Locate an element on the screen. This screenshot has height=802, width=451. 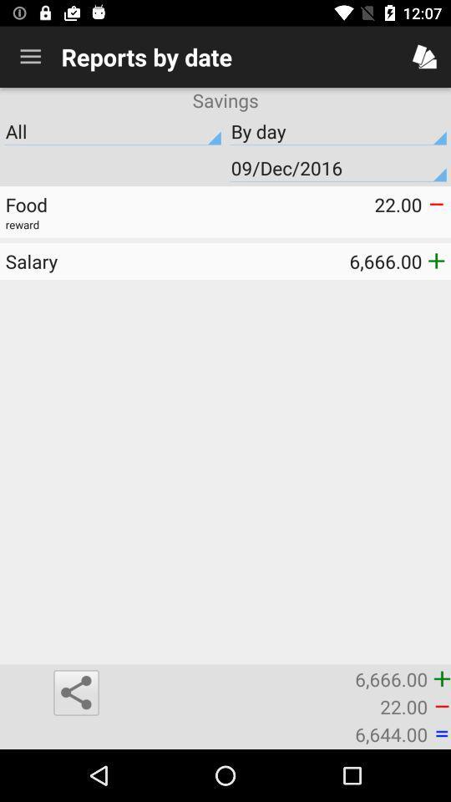
item above 6,666.00 is located at coordinates (114, 261).